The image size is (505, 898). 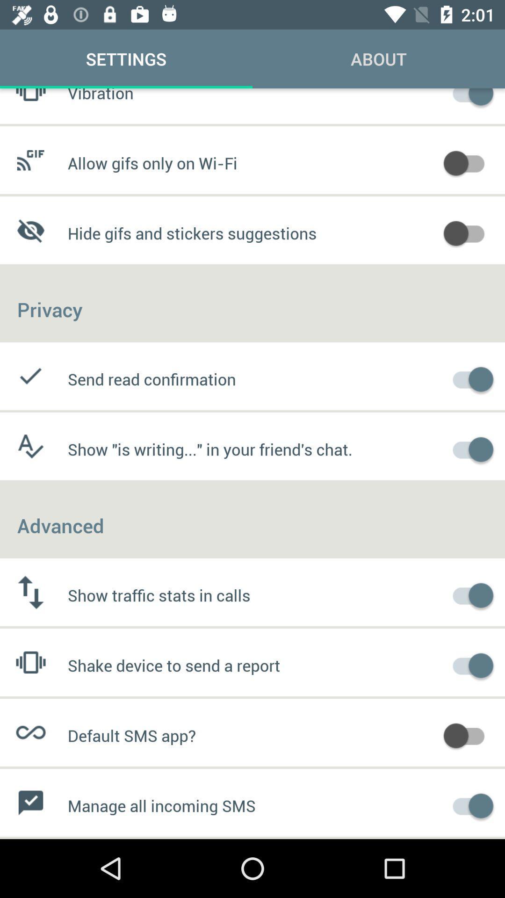 What do you see at coordinates (469, 232) in the screenshot?
I see `suggestions on/off` at bounding box center [469, 232].